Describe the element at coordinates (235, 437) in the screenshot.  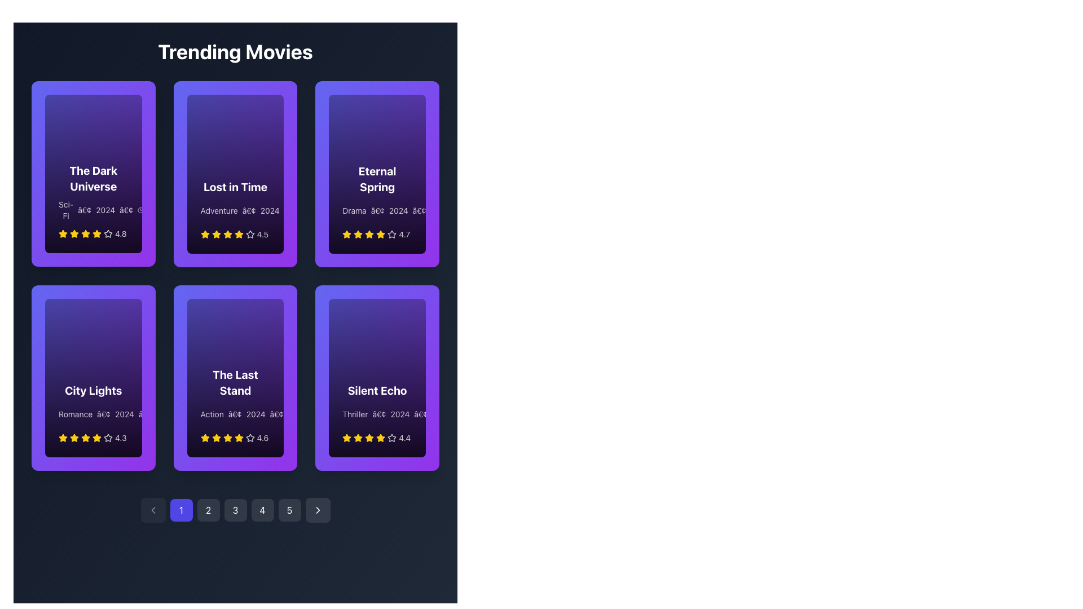
I see `the user rating display for 'The Last Stand' movie, located at the bottom center of the movie card` at that location.